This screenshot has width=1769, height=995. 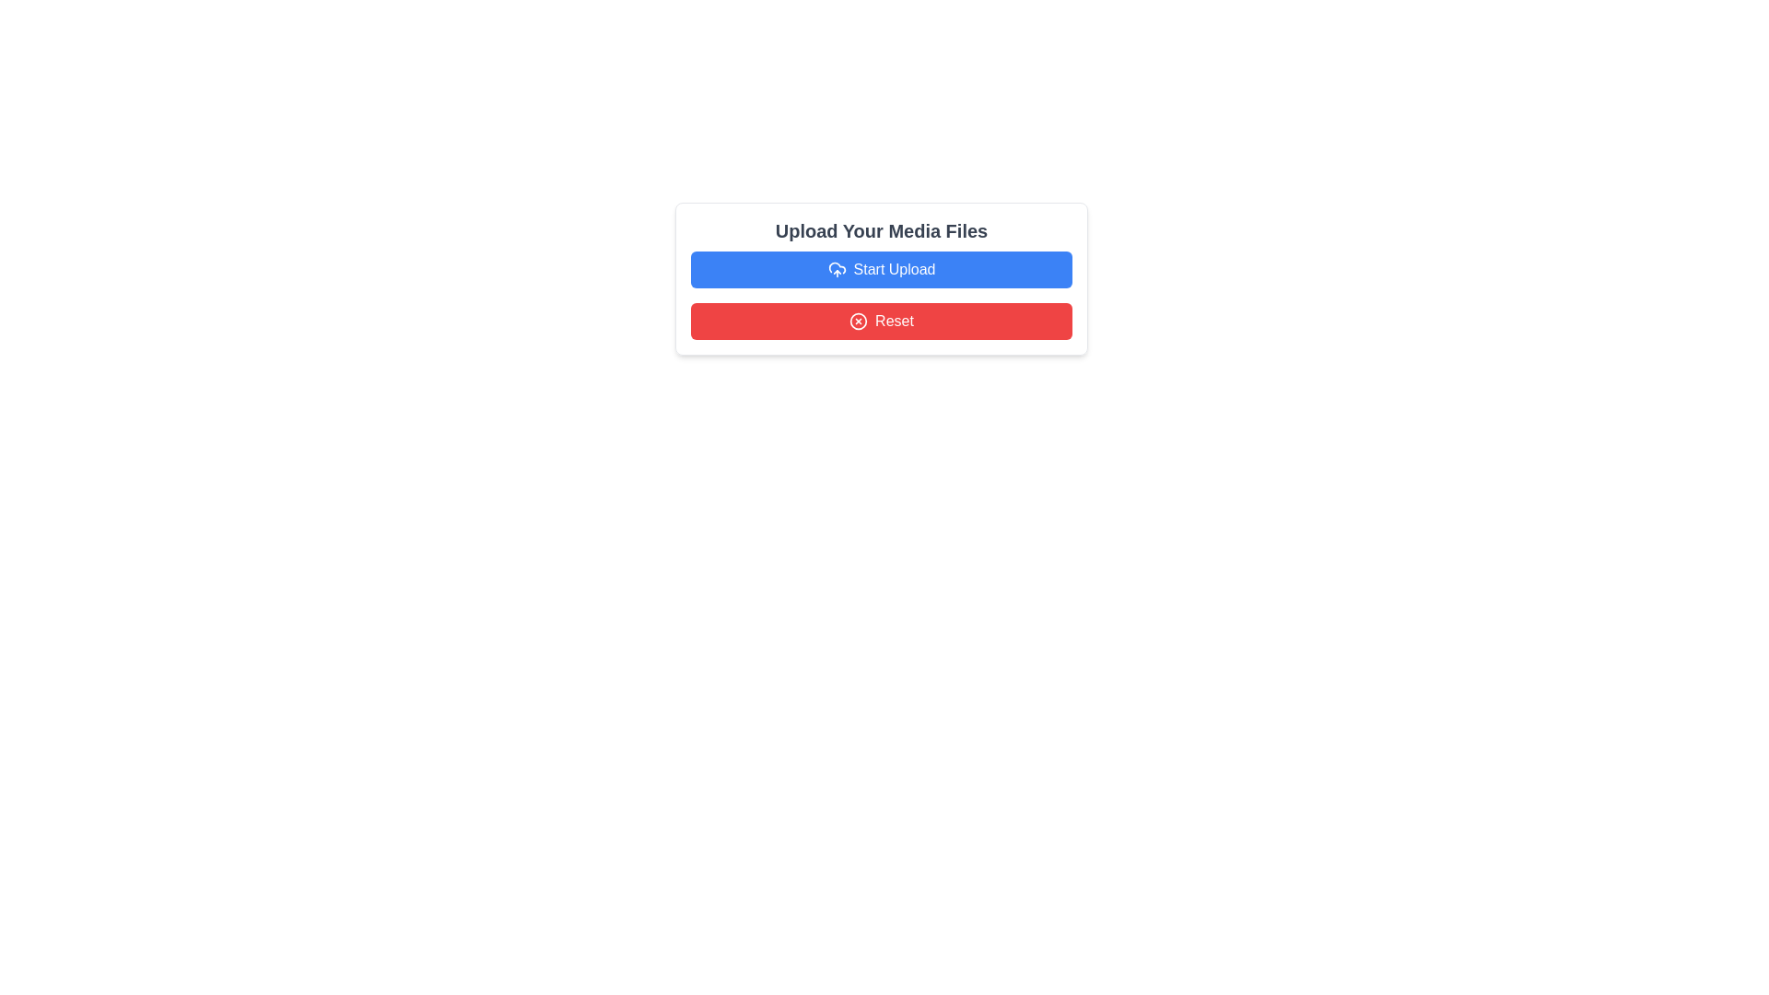 I want to click on the 'Start Upload' button which contains the upload icon located on the left side of the button text, situated below the header 'Upload Your Media Files', so click(x=836, y=270).